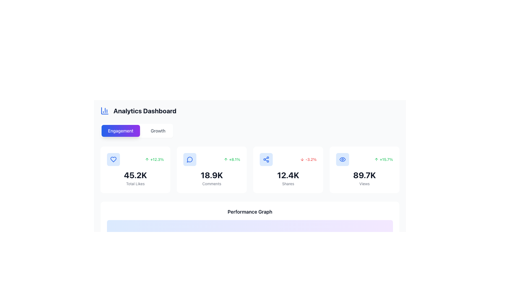 The height and width of the screenshot is (292, 520). Describe the element at coordinates (364, 159) in the screenshot. I see `percentage value indicator showing '89.7K Views' in the top section of the card on the rightmost side of the dashboard, which is visually represented with a '+' and green color for a positive change` at that location.